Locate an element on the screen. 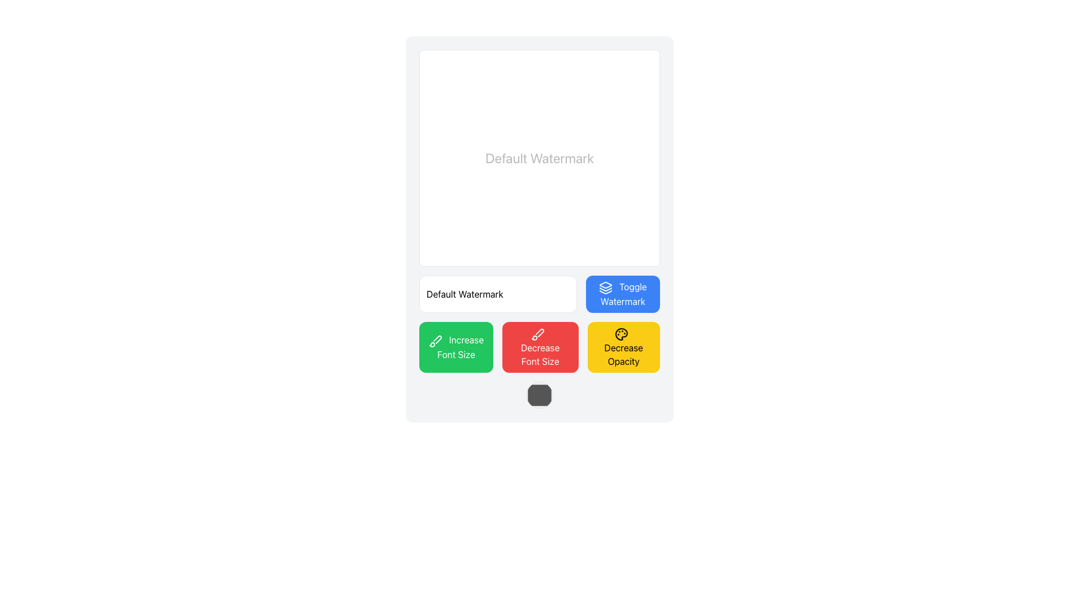 The height and width of the screenshot is (610, 1085). the button that toggles the visibility of the watermark feature, located at the top-right position within a three-column grid layout, adjacent to the 'Default Watermark' text input field is located at coordinates (622, 293).